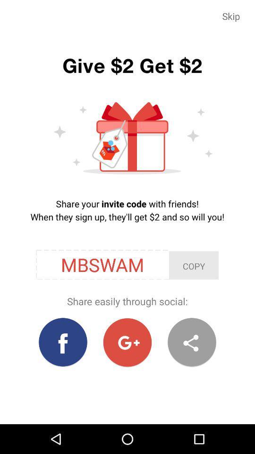 The height and width of the screenshot is (454, 255). I want to click on share the article, so click(191, 342).